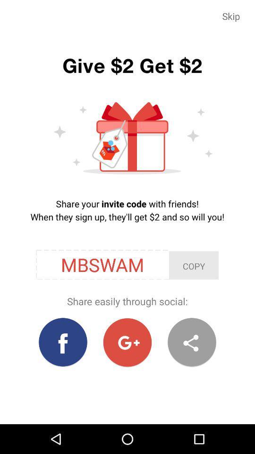 The height and width of the screenshot is (454, 255). I want to click on share the article, so click(191, 342).